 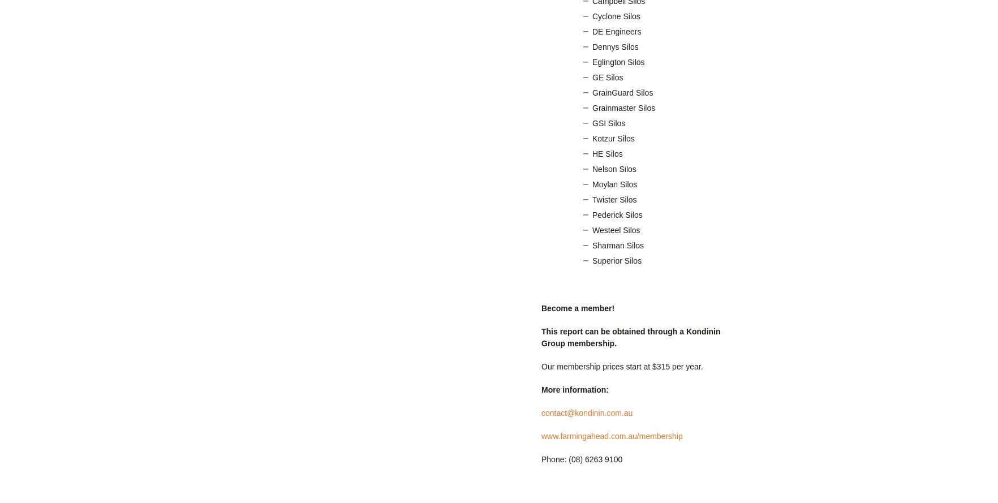 I want to click on 'This report can be obtained through a Kondinin Group membership.', so click(x=631, y=337).